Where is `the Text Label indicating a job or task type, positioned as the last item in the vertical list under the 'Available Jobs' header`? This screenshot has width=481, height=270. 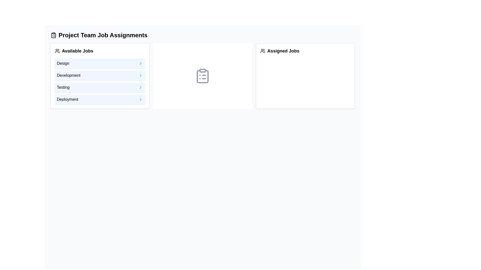
the Text Label indicating a job or task type, positioned as the last item in the vertical list under the 'Available Jobs' header is located at coordinates (67, 99).